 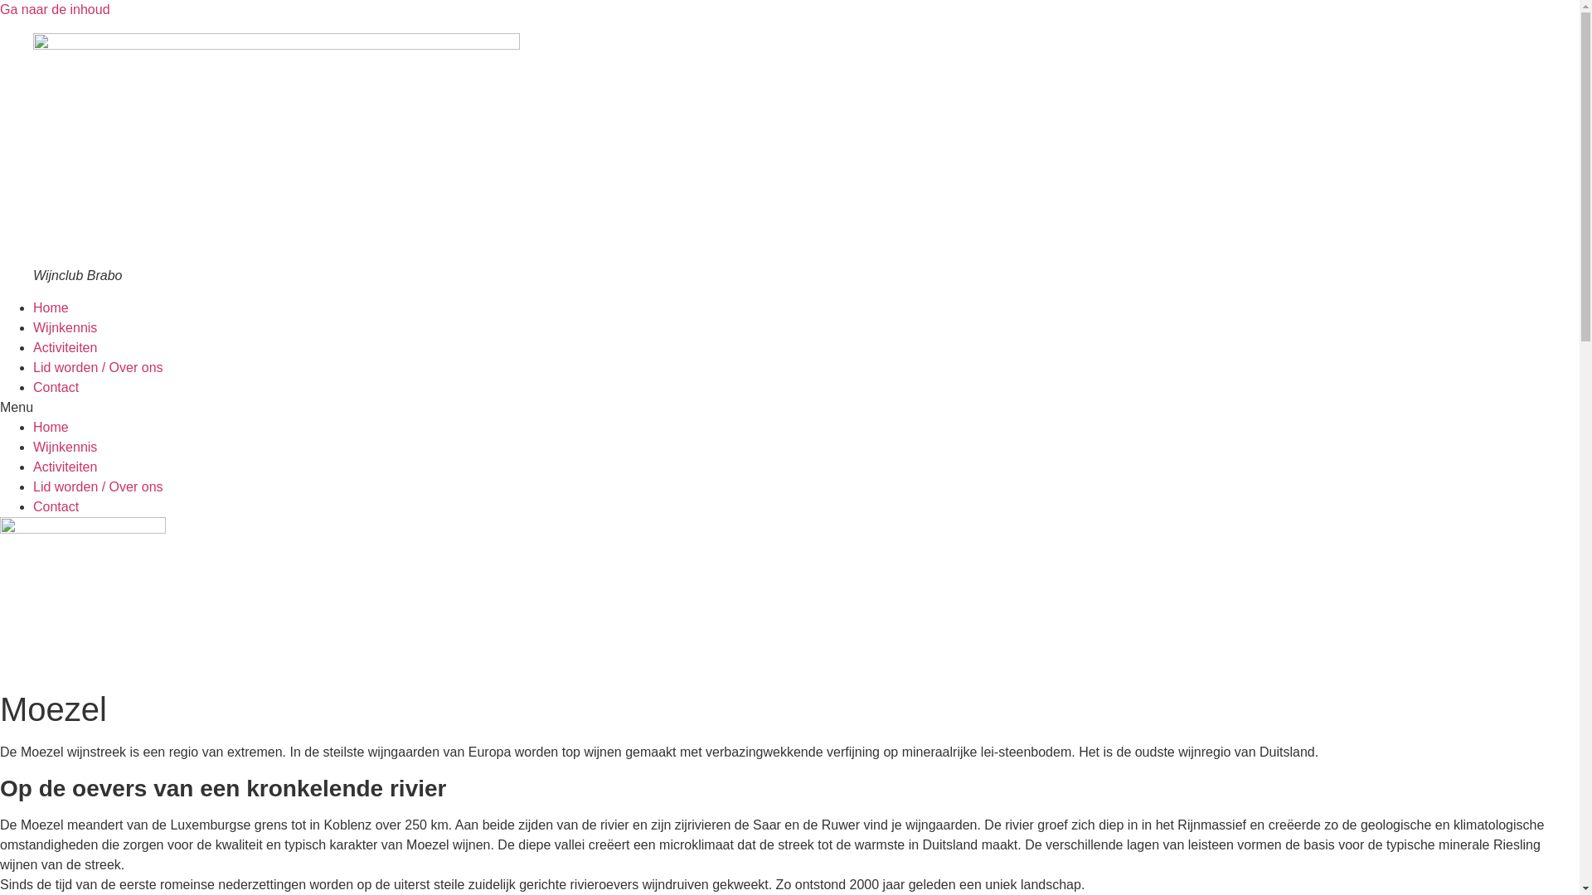 I want to click on 'Activiteiten', so click(x=65, y=346).